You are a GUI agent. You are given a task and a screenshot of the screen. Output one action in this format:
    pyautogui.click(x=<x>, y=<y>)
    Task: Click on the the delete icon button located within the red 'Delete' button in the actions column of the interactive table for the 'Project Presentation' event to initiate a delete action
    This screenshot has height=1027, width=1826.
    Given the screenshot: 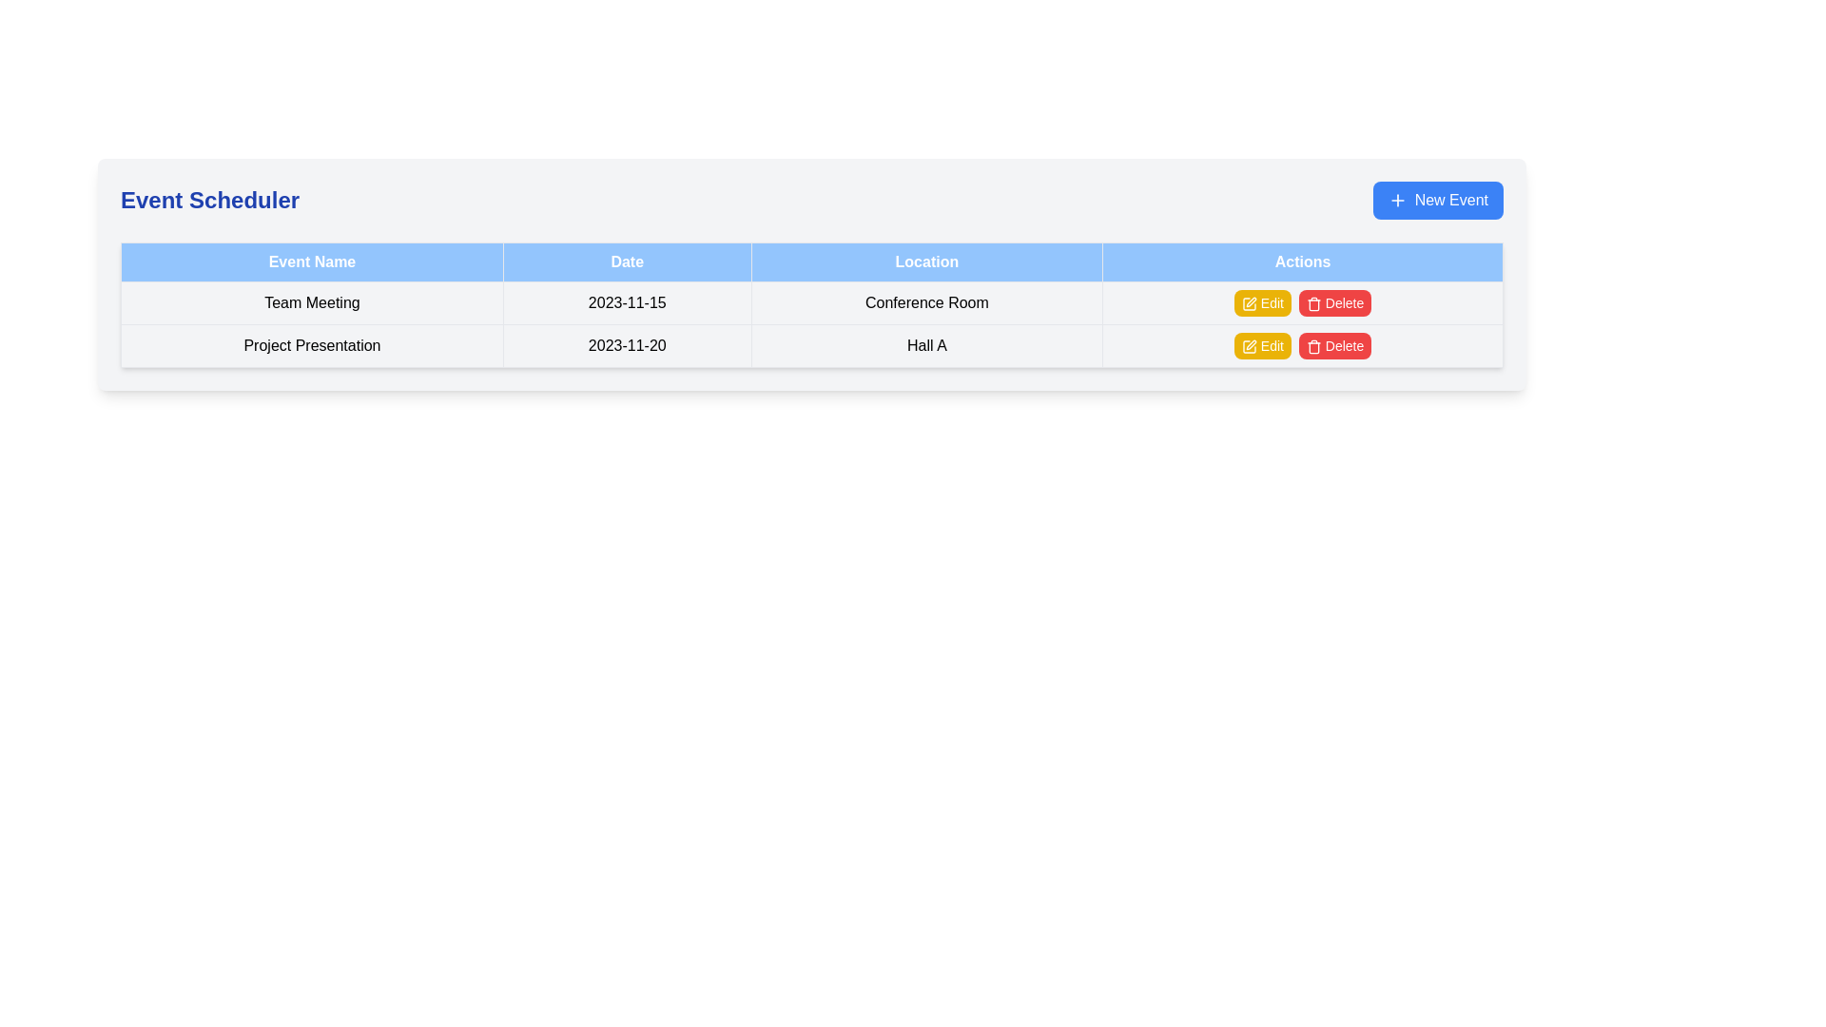 What is the action you would take?
    pyautogui.click(x=1313, y=303)
    